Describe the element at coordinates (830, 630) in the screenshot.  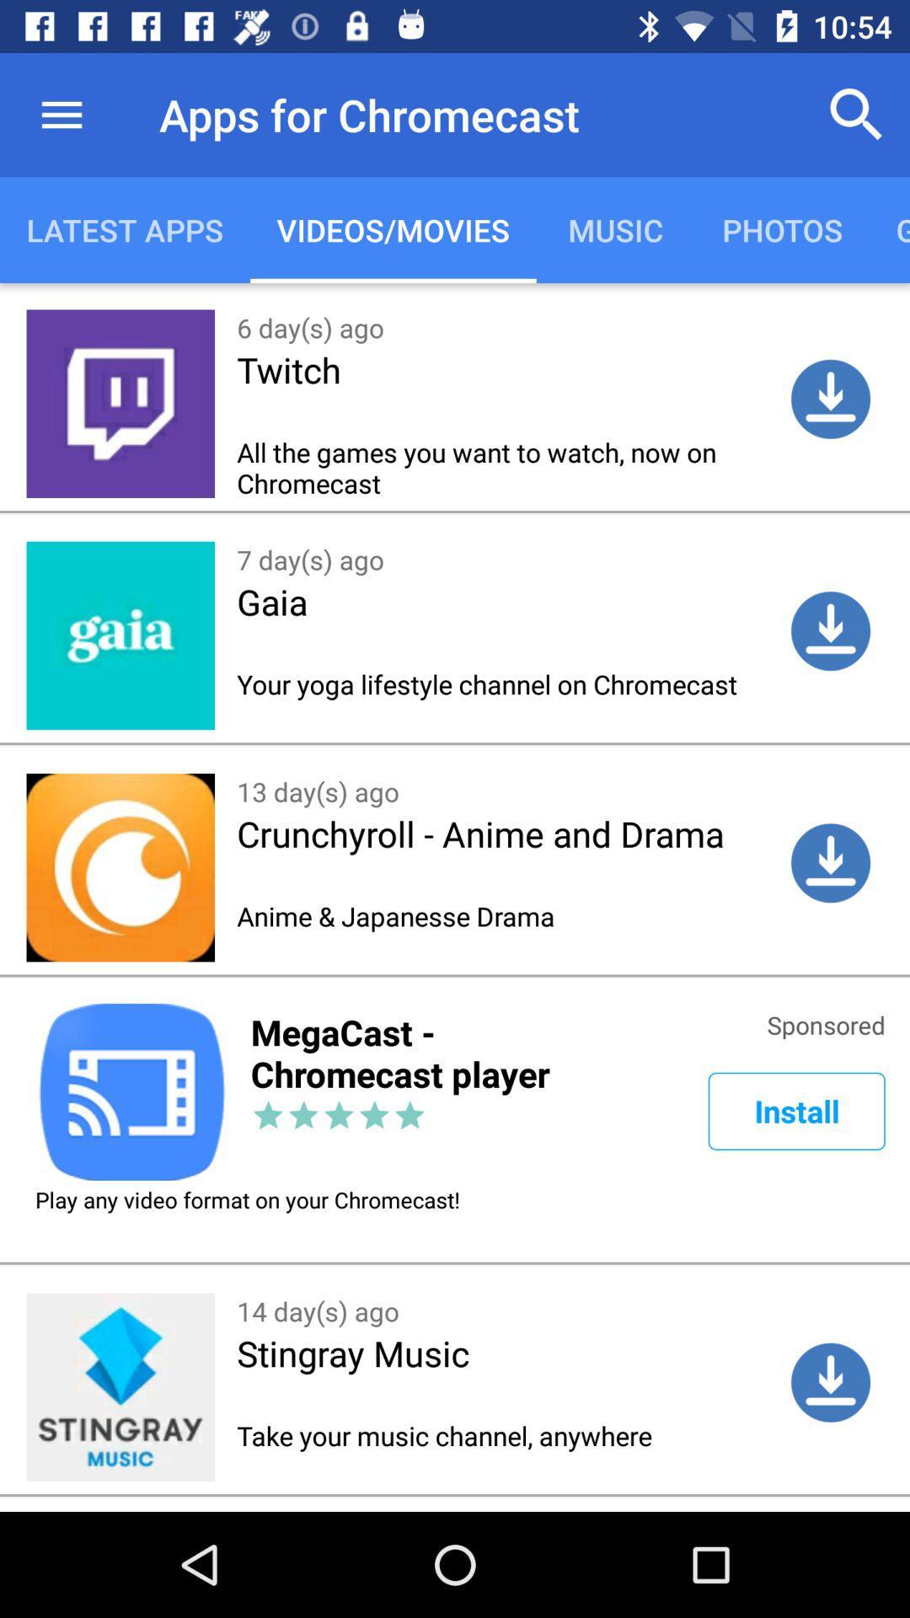
I see `the second download icon which is next to gaia` at that location.